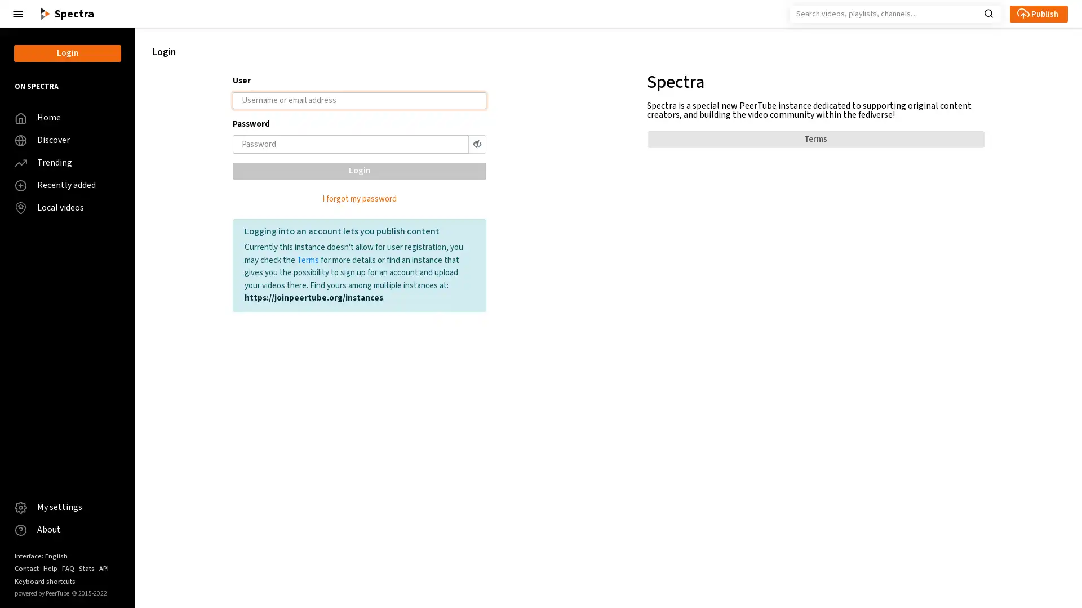 The width and height of the screenshot is (1082, 608). Describe the element at coordinates (18, 14) in the screenshot. I see `Close the left menu` at that location.